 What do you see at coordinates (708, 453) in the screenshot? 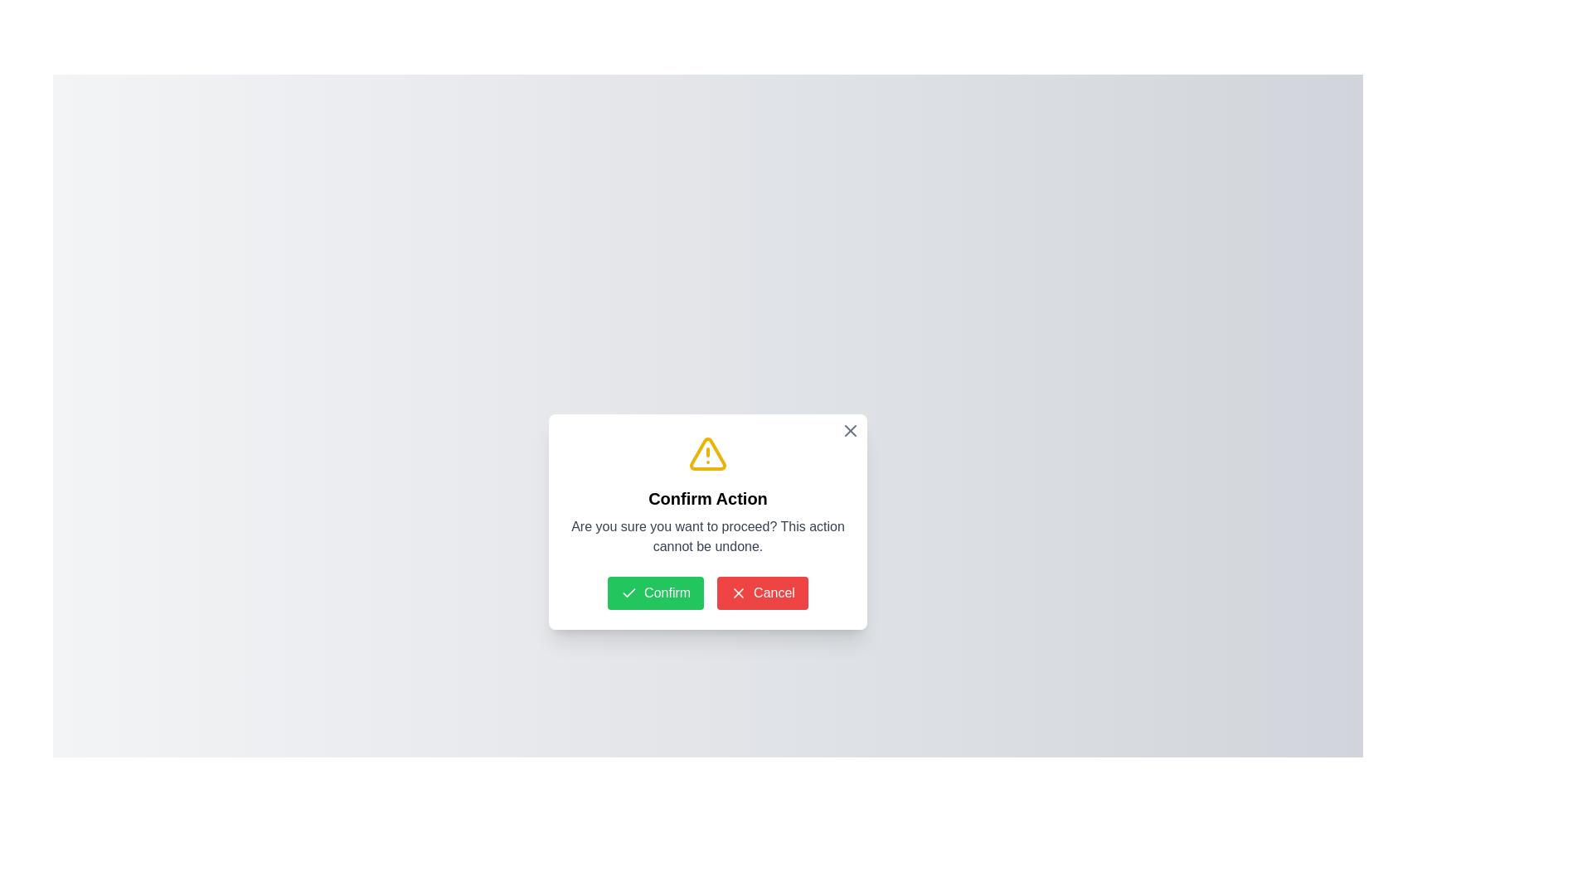
I see `the triangular warning icon with a yellow outline and an exclamation mark, located inside a modal window above the header text 'Confirm Action'` at bounding box center [708, 453].